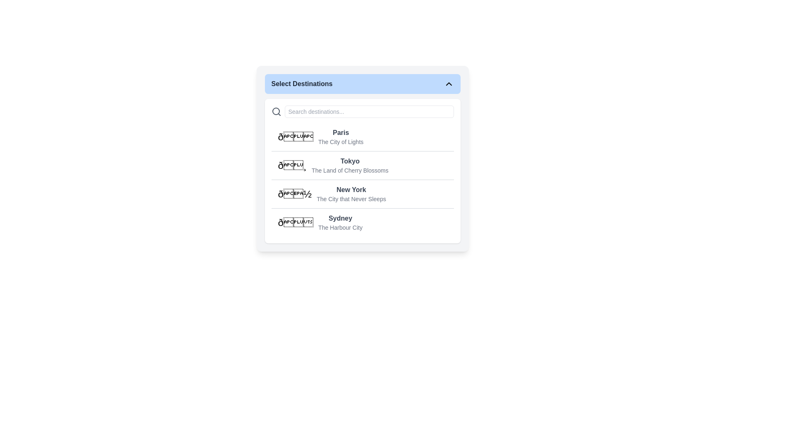 Image resolution: width=796 pixels, height=447 pixels. What do you see at coordinates (351, 194) in the screenshot?
I see `the Selectable List Item labeled 'New York' in the dropdown menu under 'Select Destinations'` at bounding box center [351, 194].